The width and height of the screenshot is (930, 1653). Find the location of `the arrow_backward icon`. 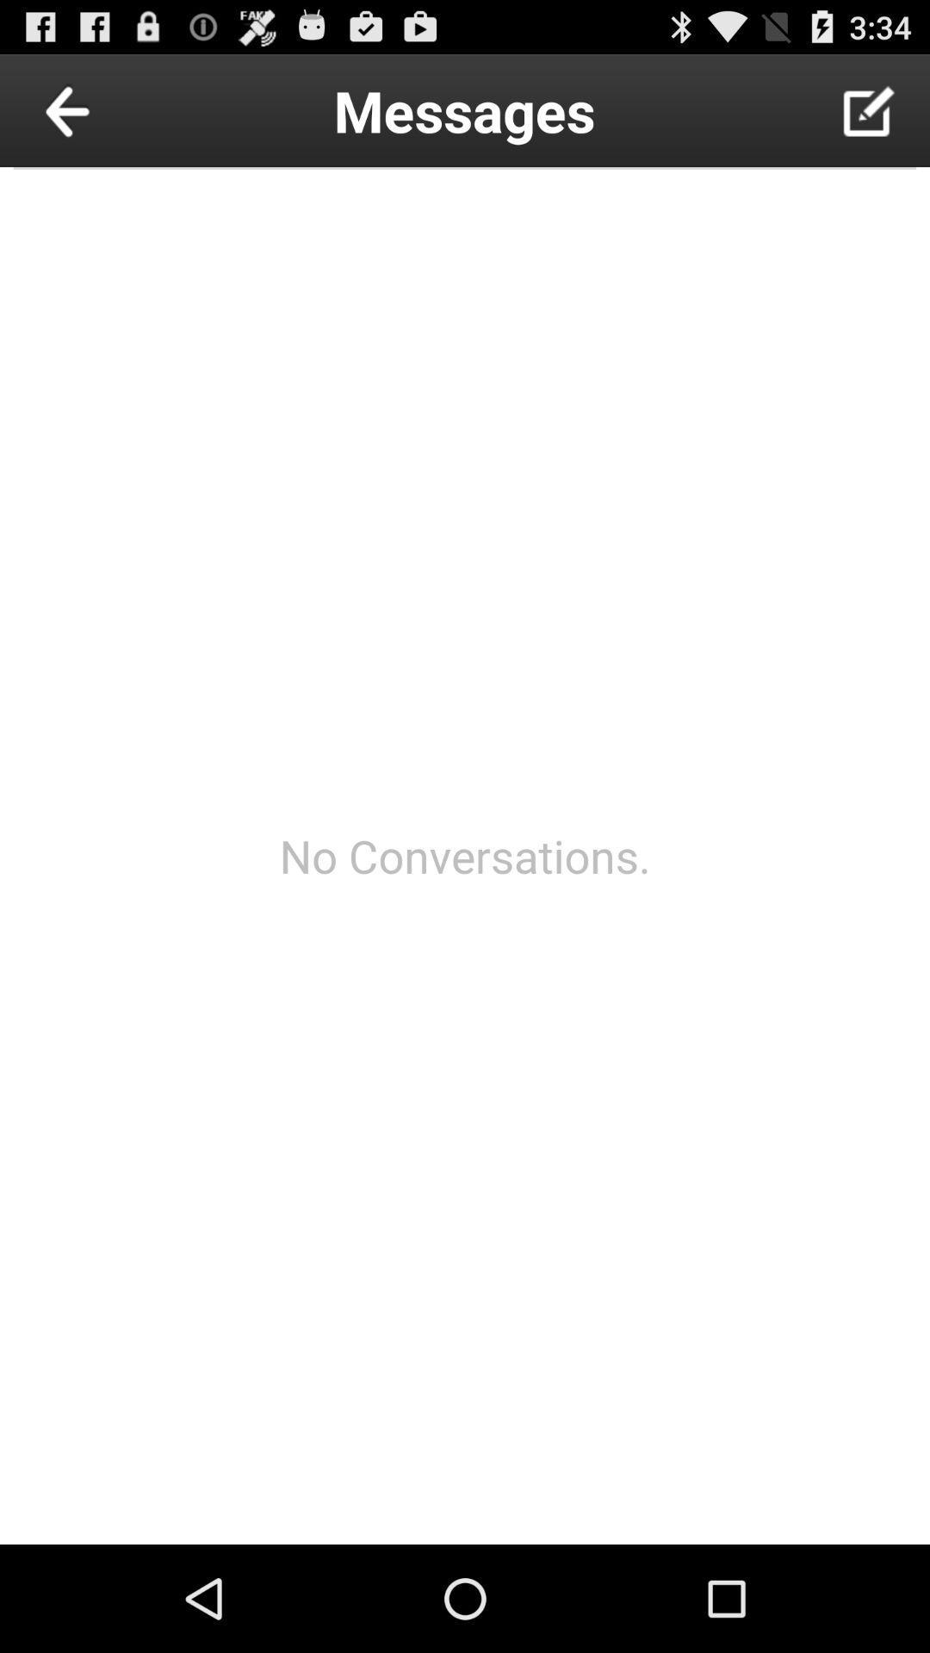

the arrow_backward icon is located at coordinates (107, 117).